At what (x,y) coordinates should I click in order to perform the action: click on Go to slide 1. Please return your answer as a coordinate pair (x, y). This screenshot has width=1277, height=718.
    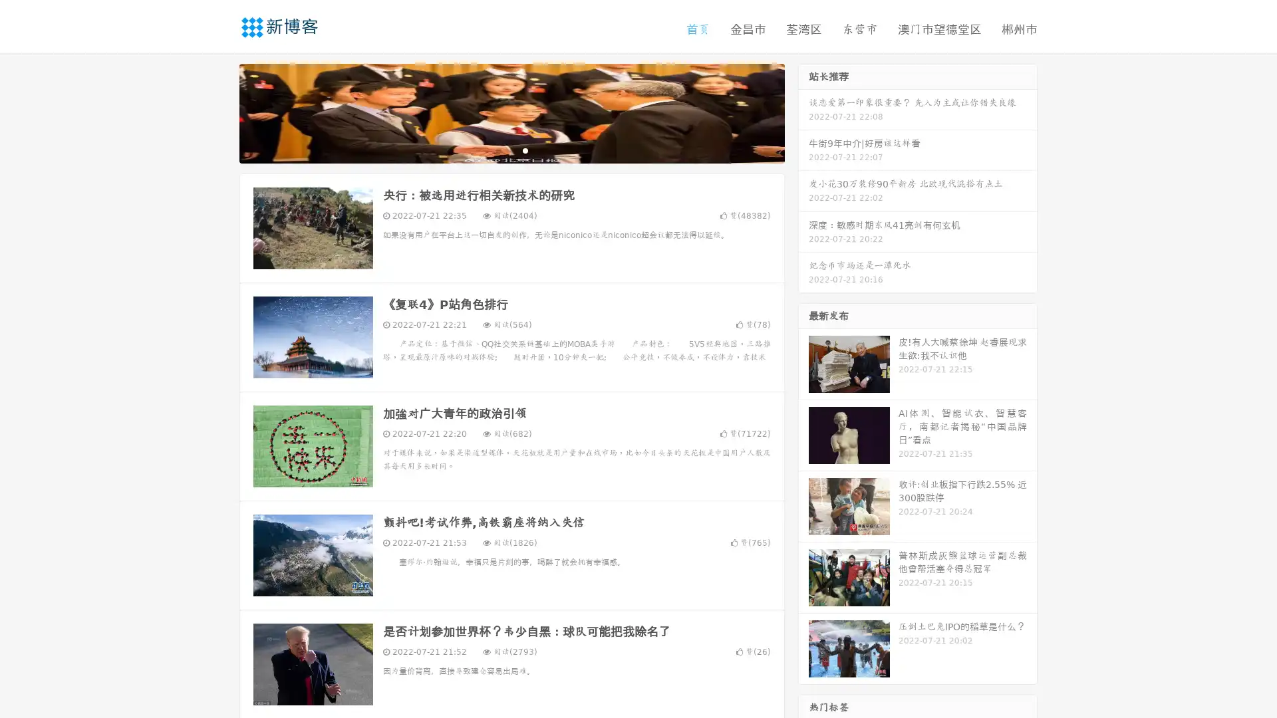
    Looking at the image, I should click on (497, 150).